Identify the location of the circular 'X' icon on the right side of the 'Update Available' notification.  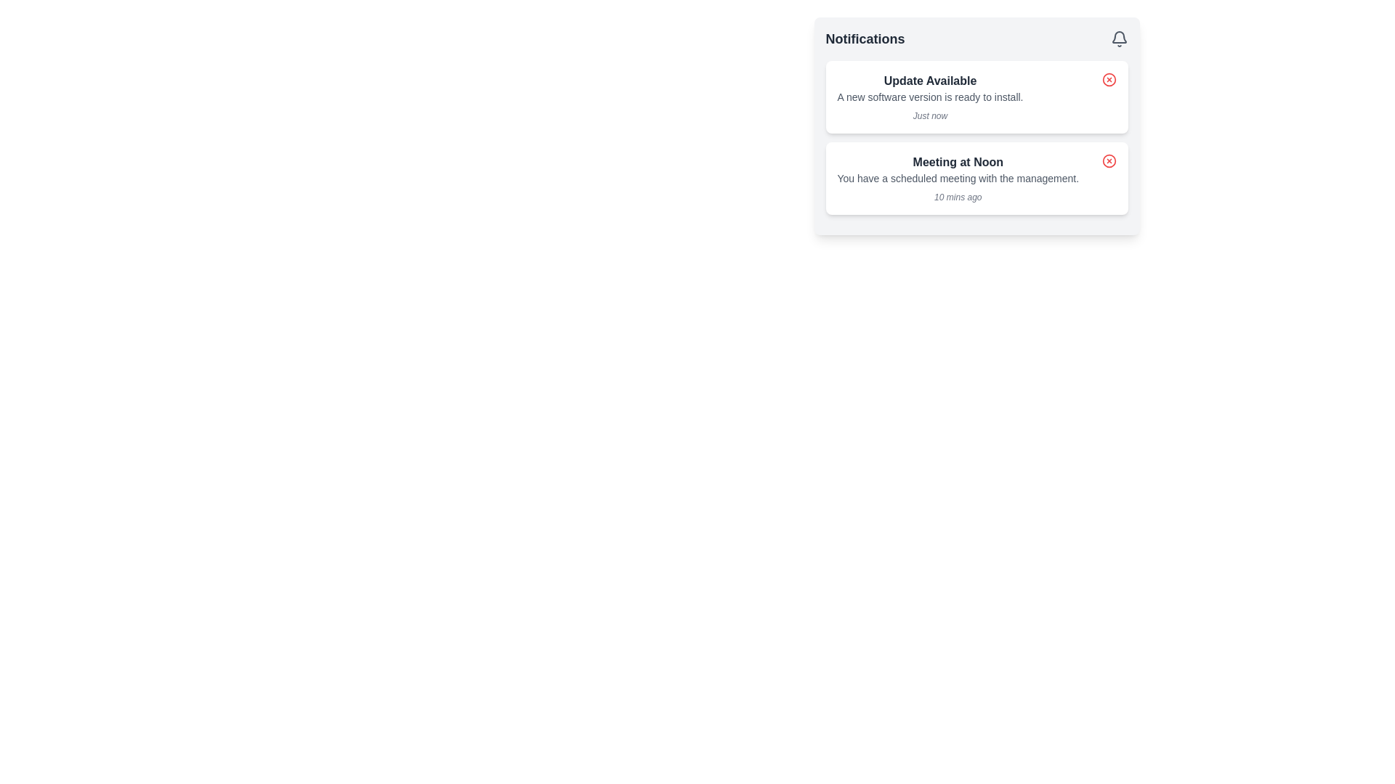
(1108, 80).